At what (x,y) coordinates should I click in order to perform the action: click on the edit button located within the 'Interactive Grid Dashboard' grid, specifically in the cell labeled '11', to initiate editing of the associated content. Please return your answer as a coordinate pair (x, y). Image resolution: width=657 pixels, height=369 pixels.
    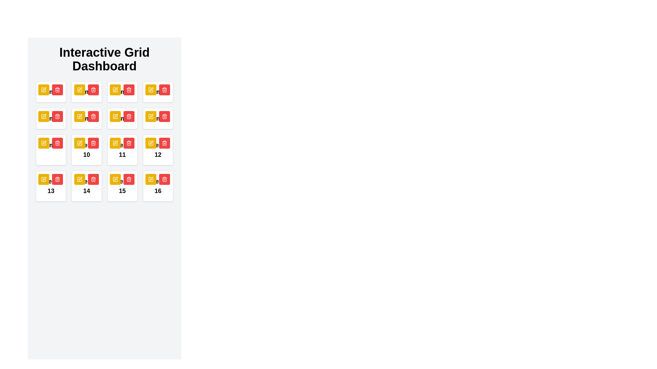
    Looking at the image, I should click on (115, 143).